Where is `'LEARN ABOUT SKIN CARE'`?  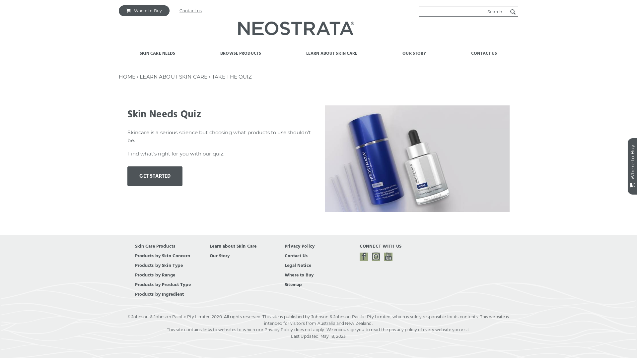
'LEARN ABOUT SKIN CARE' is located at coordinates (332, 57).